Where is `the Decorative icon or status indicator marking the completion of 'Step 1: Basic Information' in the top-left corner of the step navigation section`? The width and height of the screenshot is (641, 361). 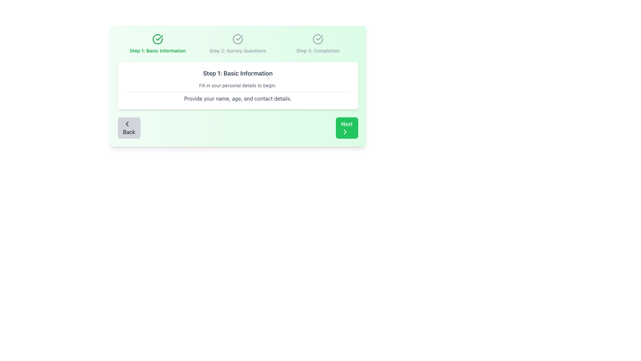 the Decorative icon or status indicator marking the completion of 'Step 1: Basic Information' in the top-left corner of the step navigation section is located at coordinates (157, 39).